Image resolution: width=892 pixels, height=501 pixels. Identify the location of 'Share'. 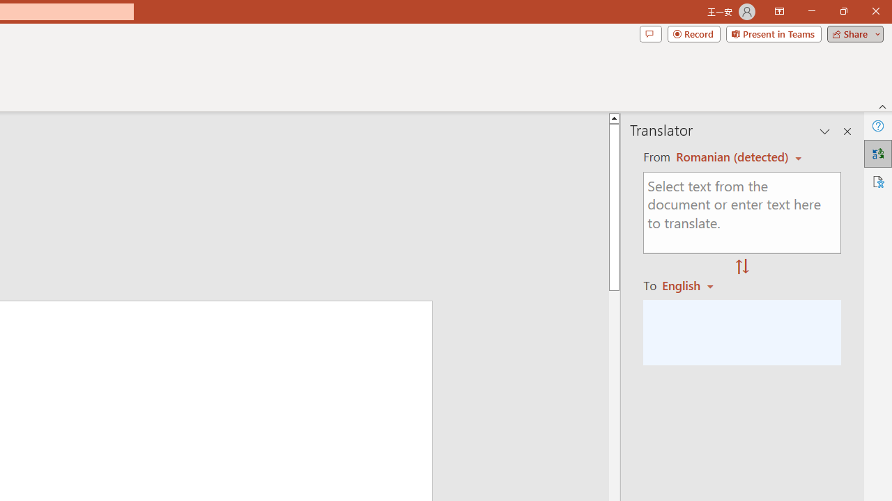
(852, 33).